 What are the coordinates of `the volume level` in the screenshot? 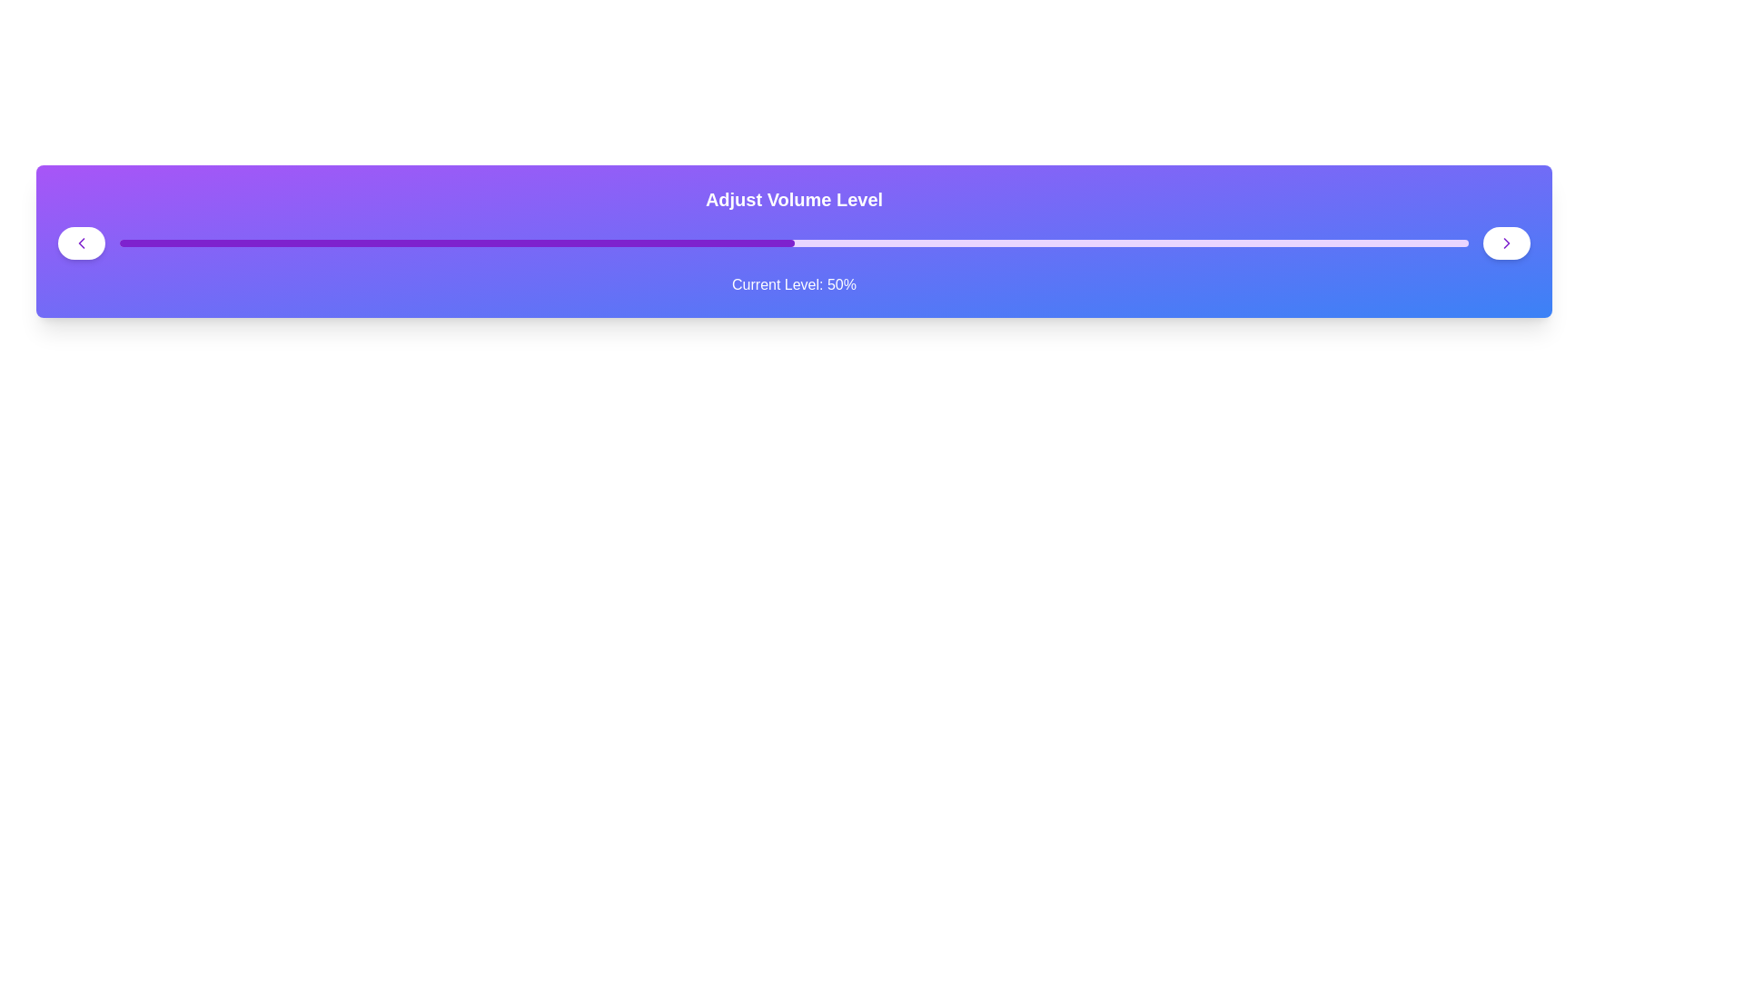 It's located at (968, 242).